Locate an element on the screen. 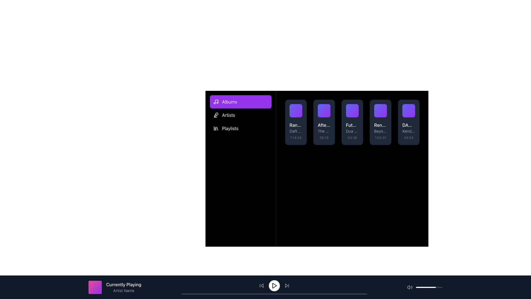  the small heart-shaped button located at the top-right corner of the album 'DAMN.' card to mark the album as a favorite is located at coordinates (412, 107).